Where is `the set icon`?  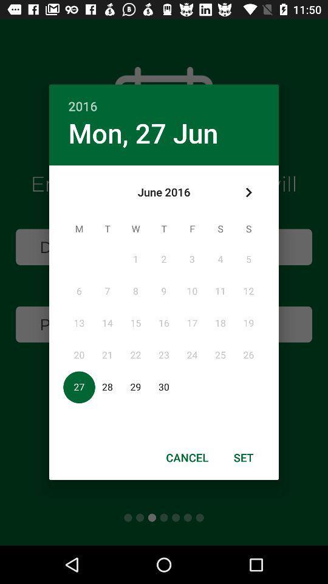
the set icon is located at coordinates (244, 457).